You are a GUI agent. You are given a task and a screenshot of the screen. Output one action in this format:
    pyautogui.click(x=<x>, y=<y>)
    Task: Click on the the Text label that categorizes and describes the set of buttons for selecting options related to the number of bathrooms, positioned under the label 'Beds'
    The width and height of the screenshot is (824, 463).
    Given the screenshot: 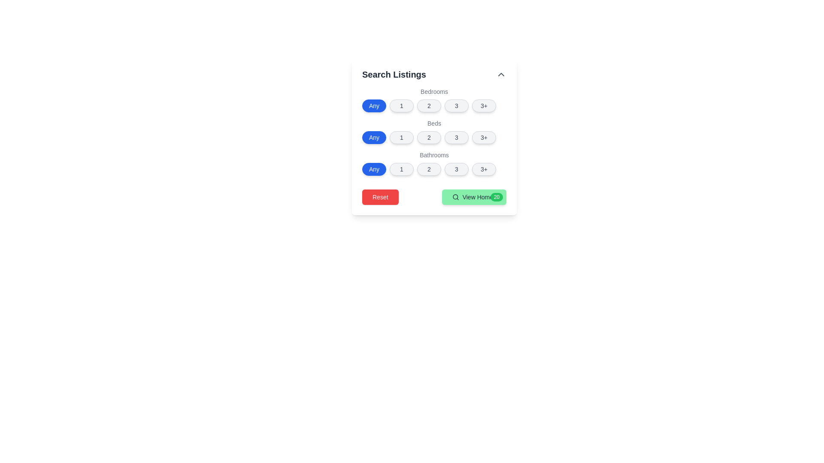 What is the action you would take?
    pyautogui.click(x=434, y=155)
    